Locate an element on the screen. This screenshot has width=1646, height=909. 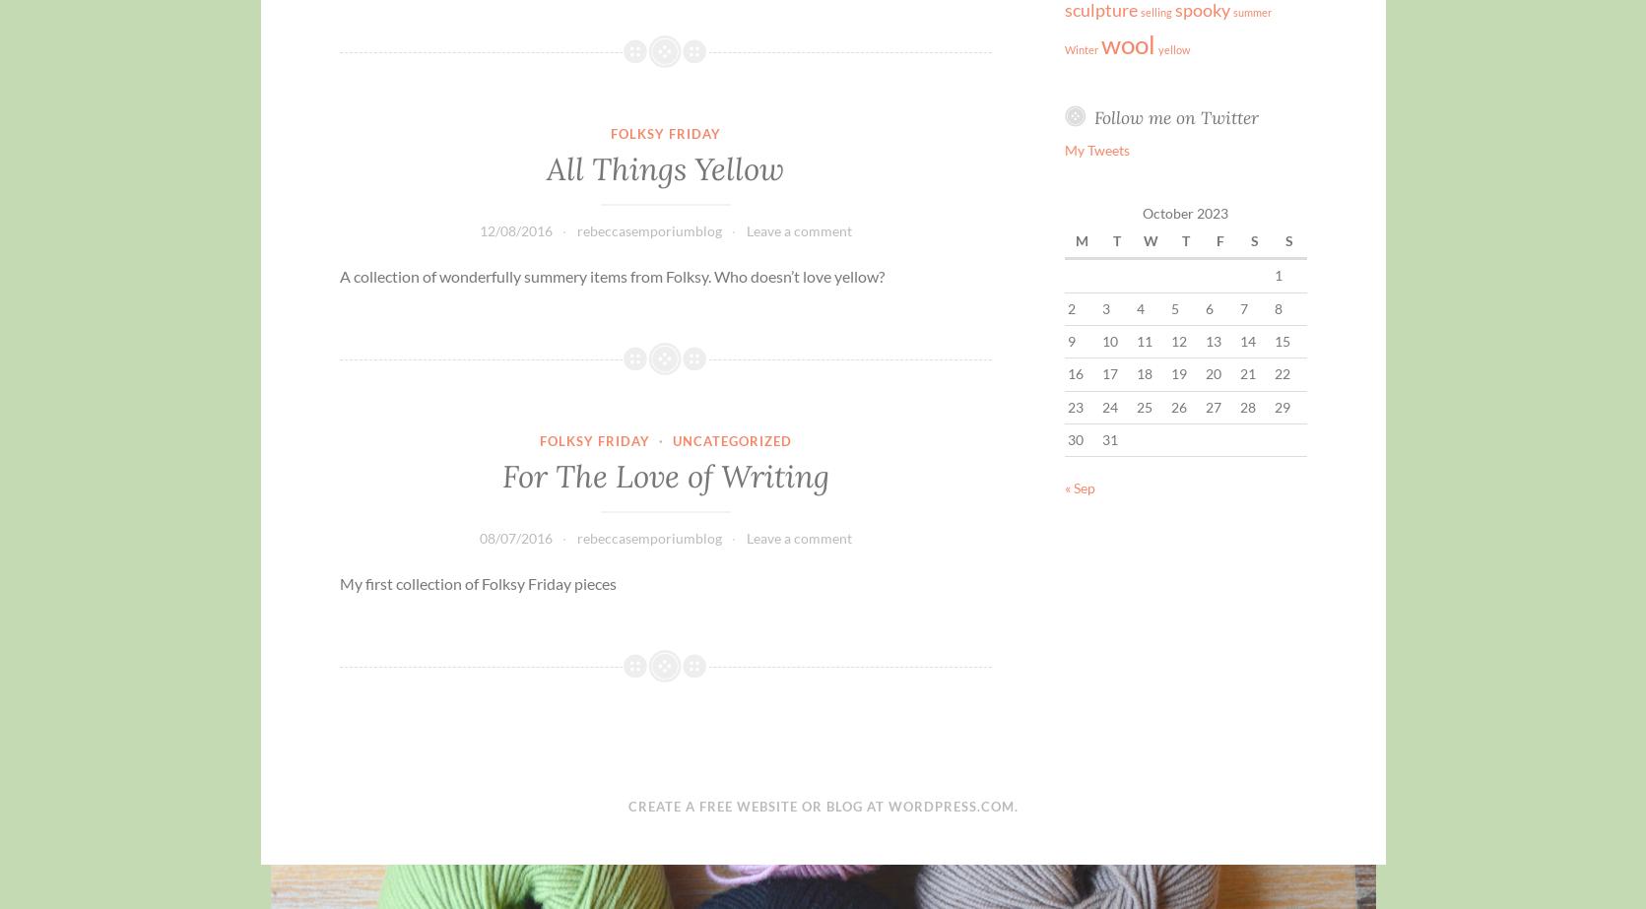
'3' is located at coordinates (1106, 307).